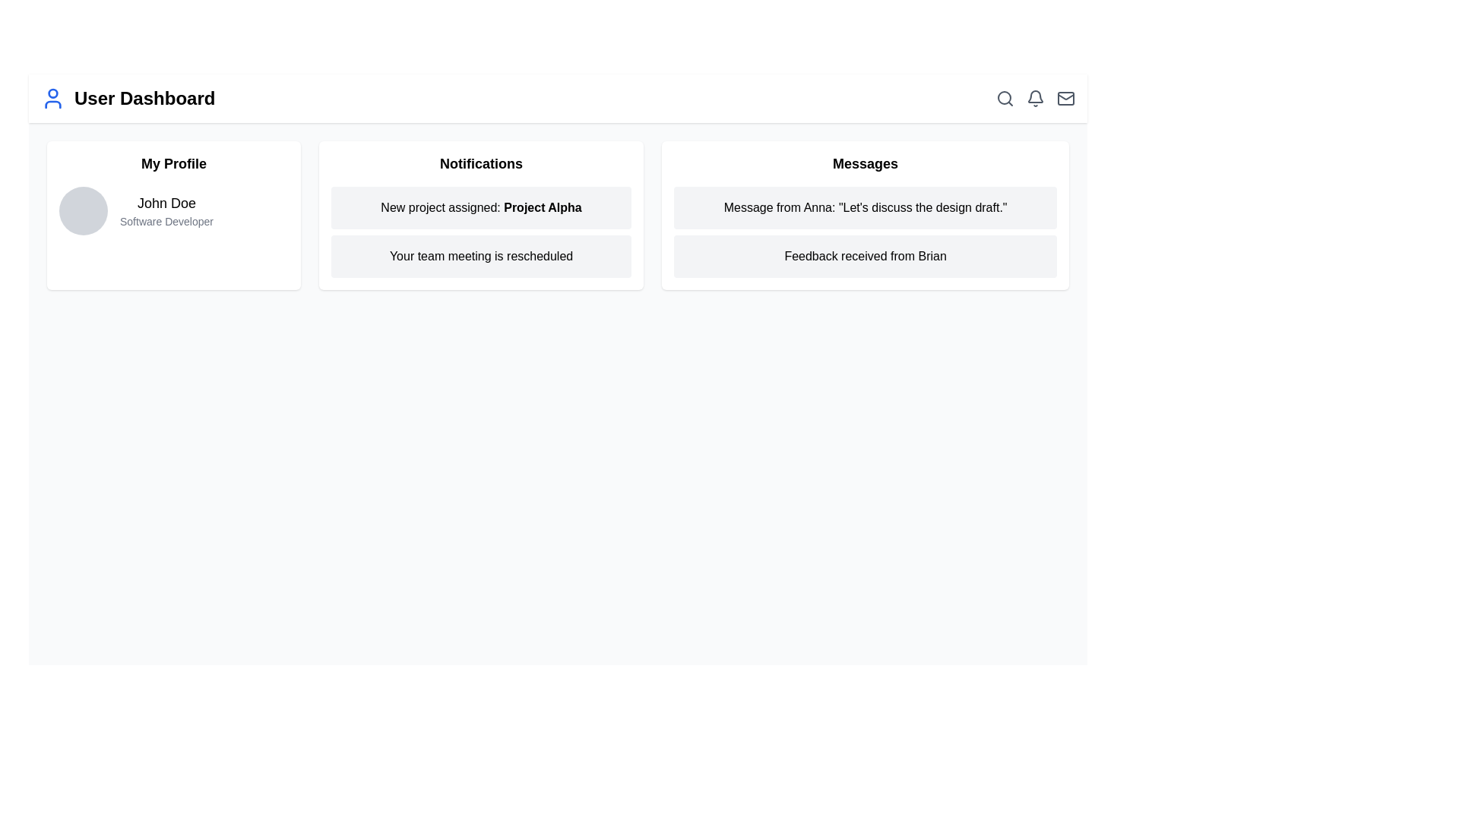 This screenshot has width=1459, height=820. Describe the element at coordinates (1005, 99) in the screenshot. I see `the search icon button, which resembles a magnifying glass, located in the top right corner of the interface, adjacent to the bell icon` at that location.